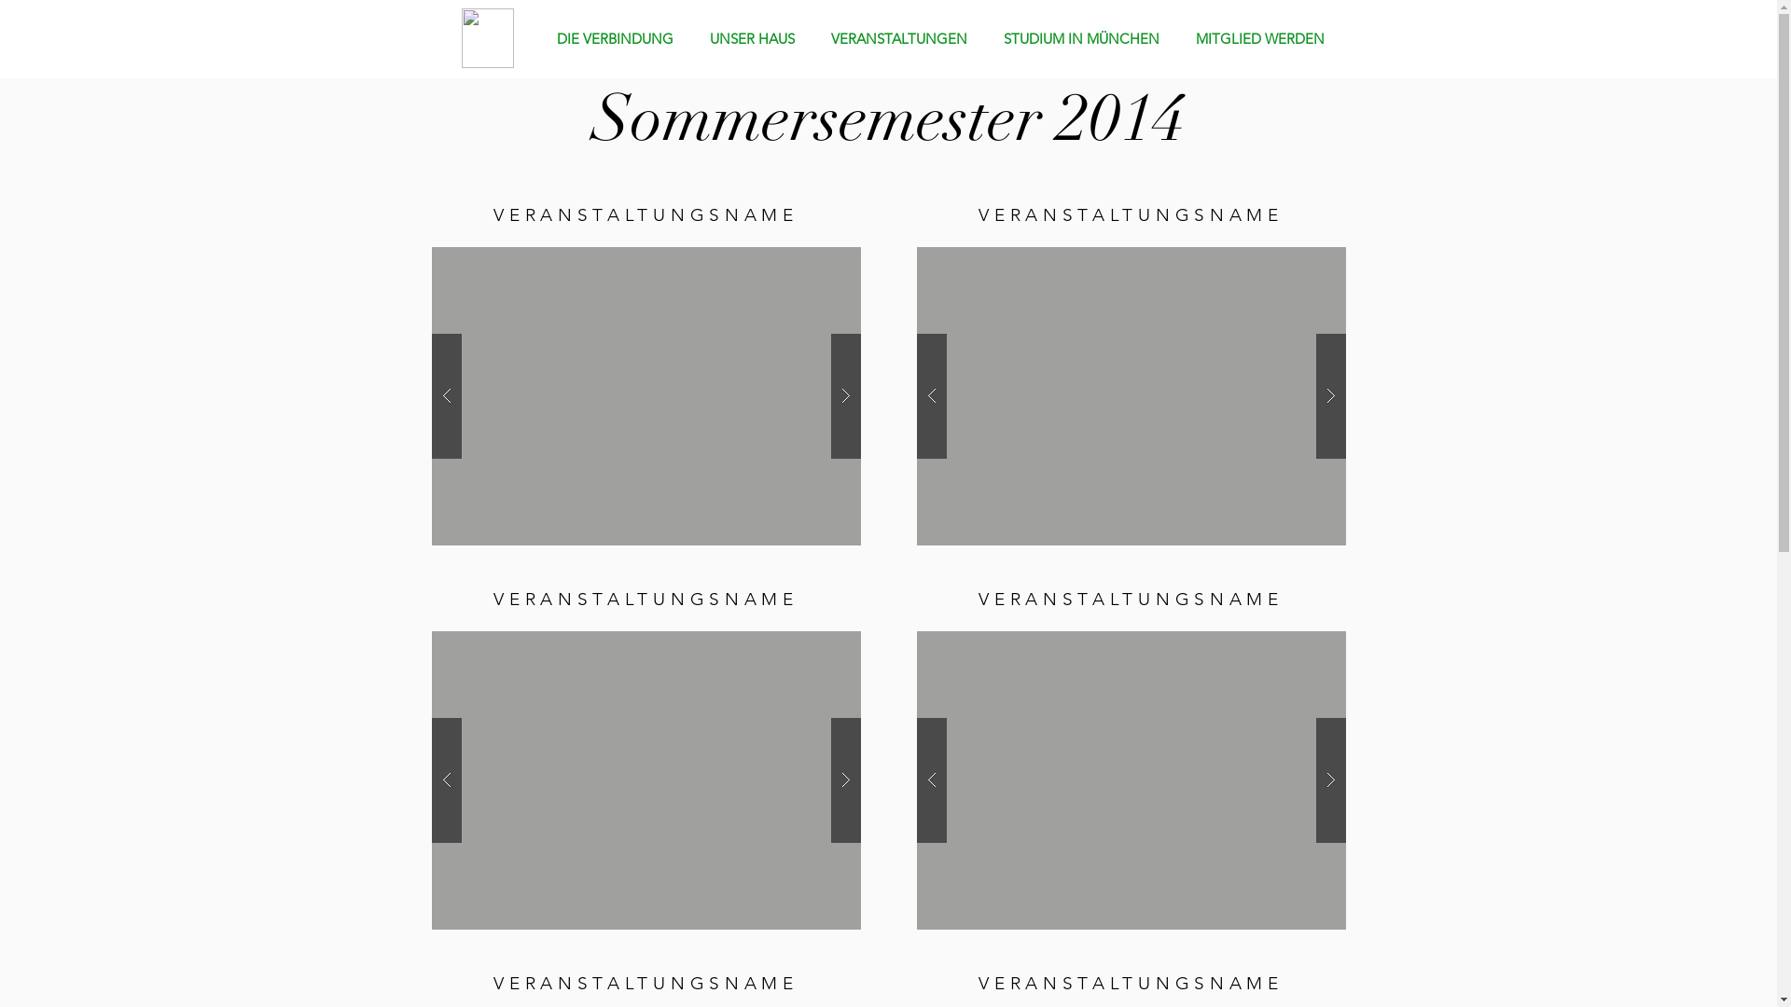  What do you see at coordinates (757, 38) in the screenshot?
I see `'UNSER HAUS'` at bounding box center [757, 38].